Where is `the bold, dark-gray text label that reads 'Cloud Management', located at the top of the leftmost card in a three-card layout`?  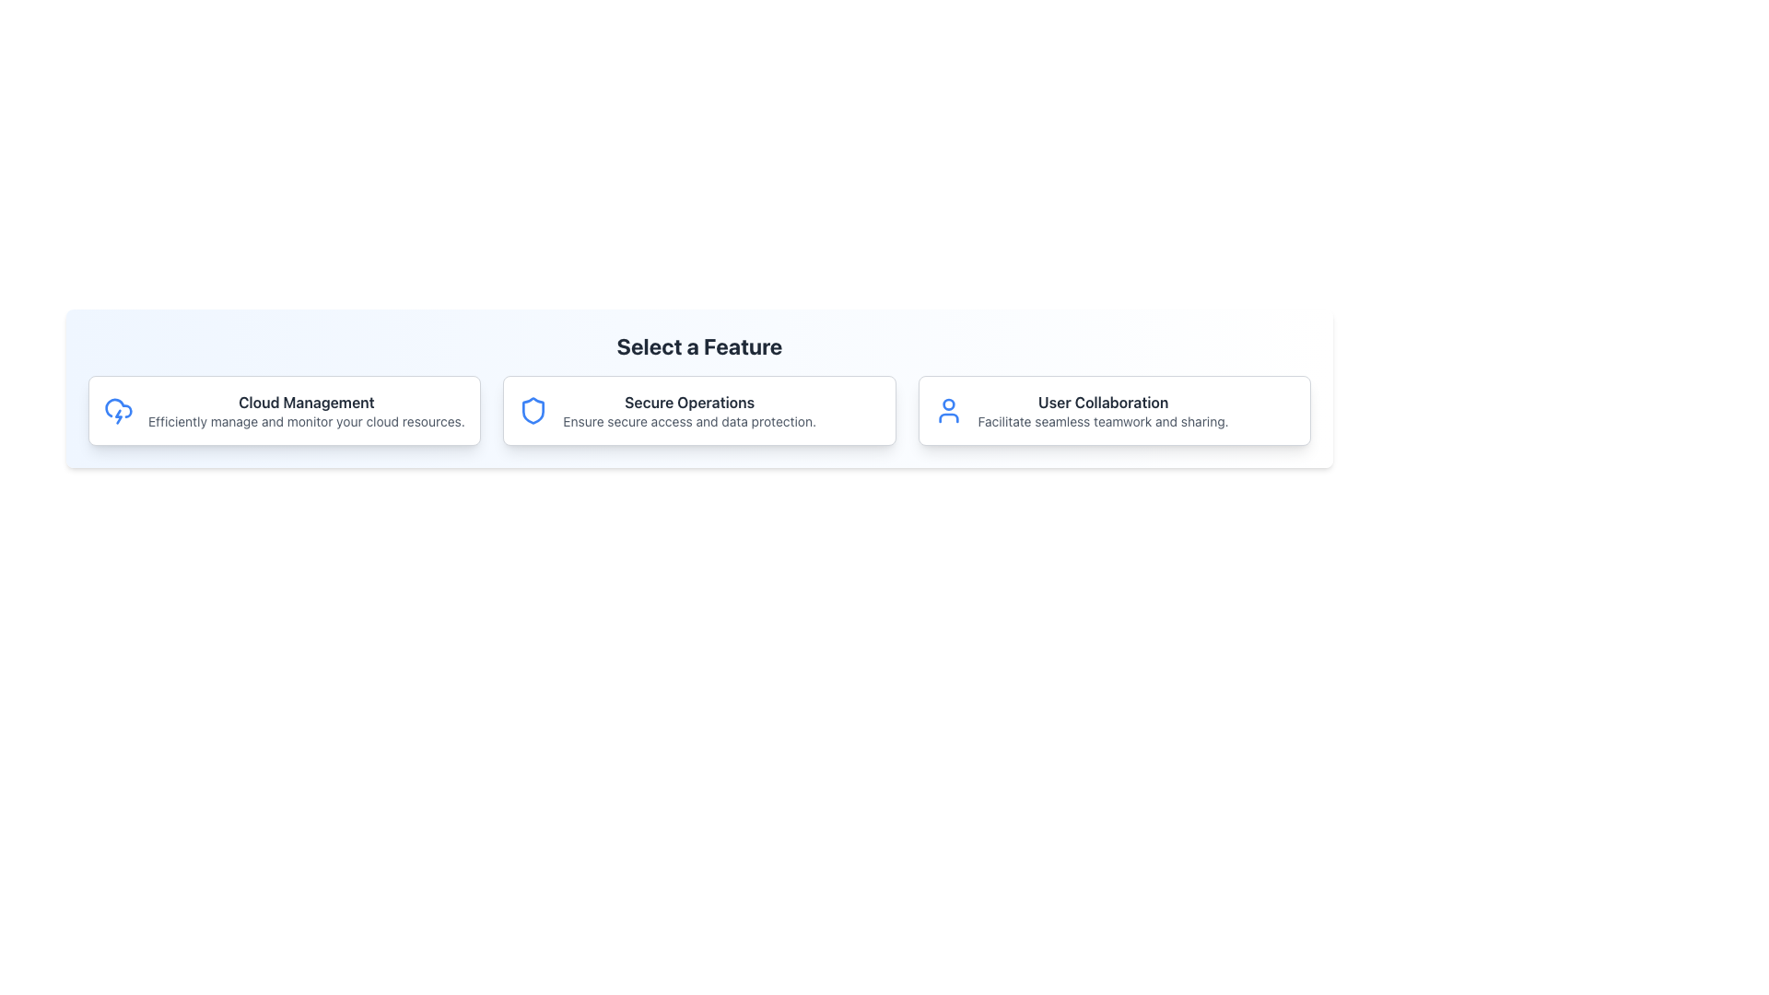 the bold, dark-gray text label that reads 'Cloud Management', located at the top of the leftmost card in a three-card layout is located at coordinates (306, 401).